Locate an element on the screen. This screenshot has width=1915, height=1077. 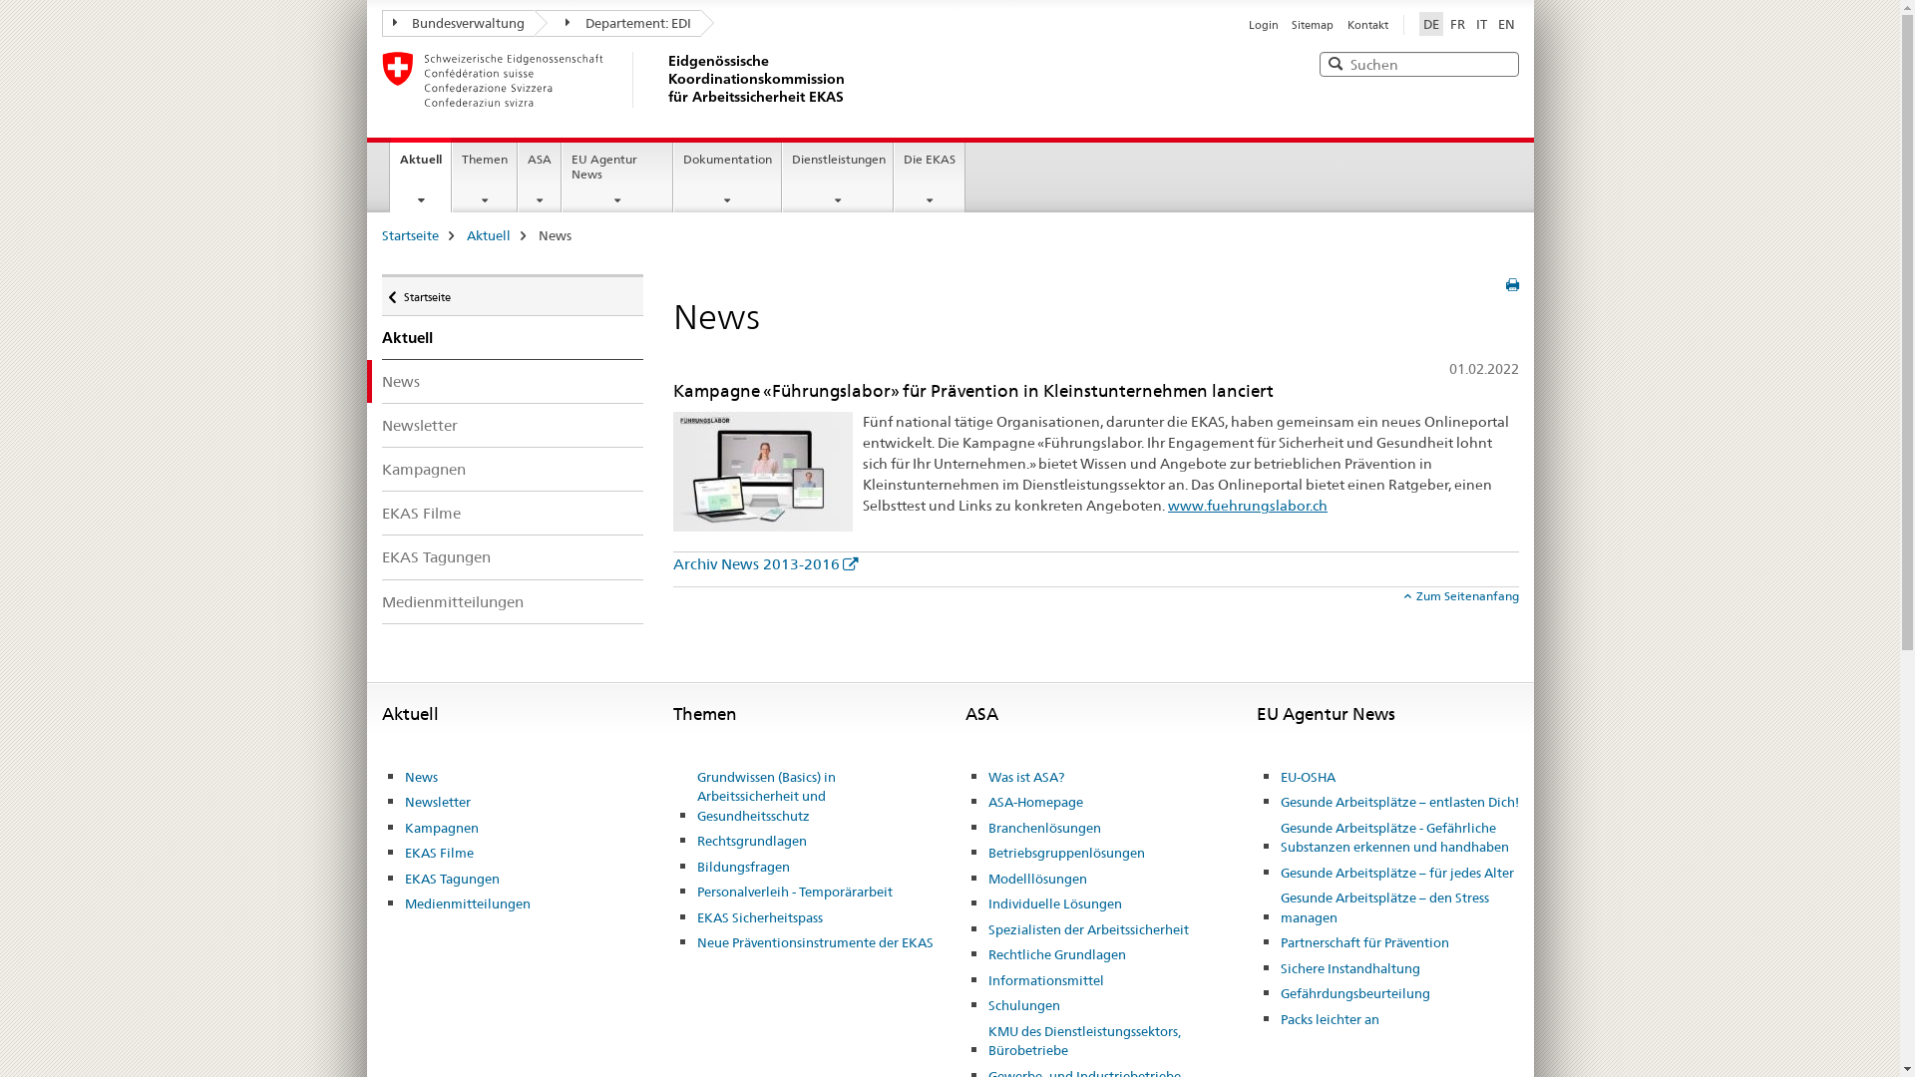
'Packs leichter an' is located at coordinates (1330, 1019).